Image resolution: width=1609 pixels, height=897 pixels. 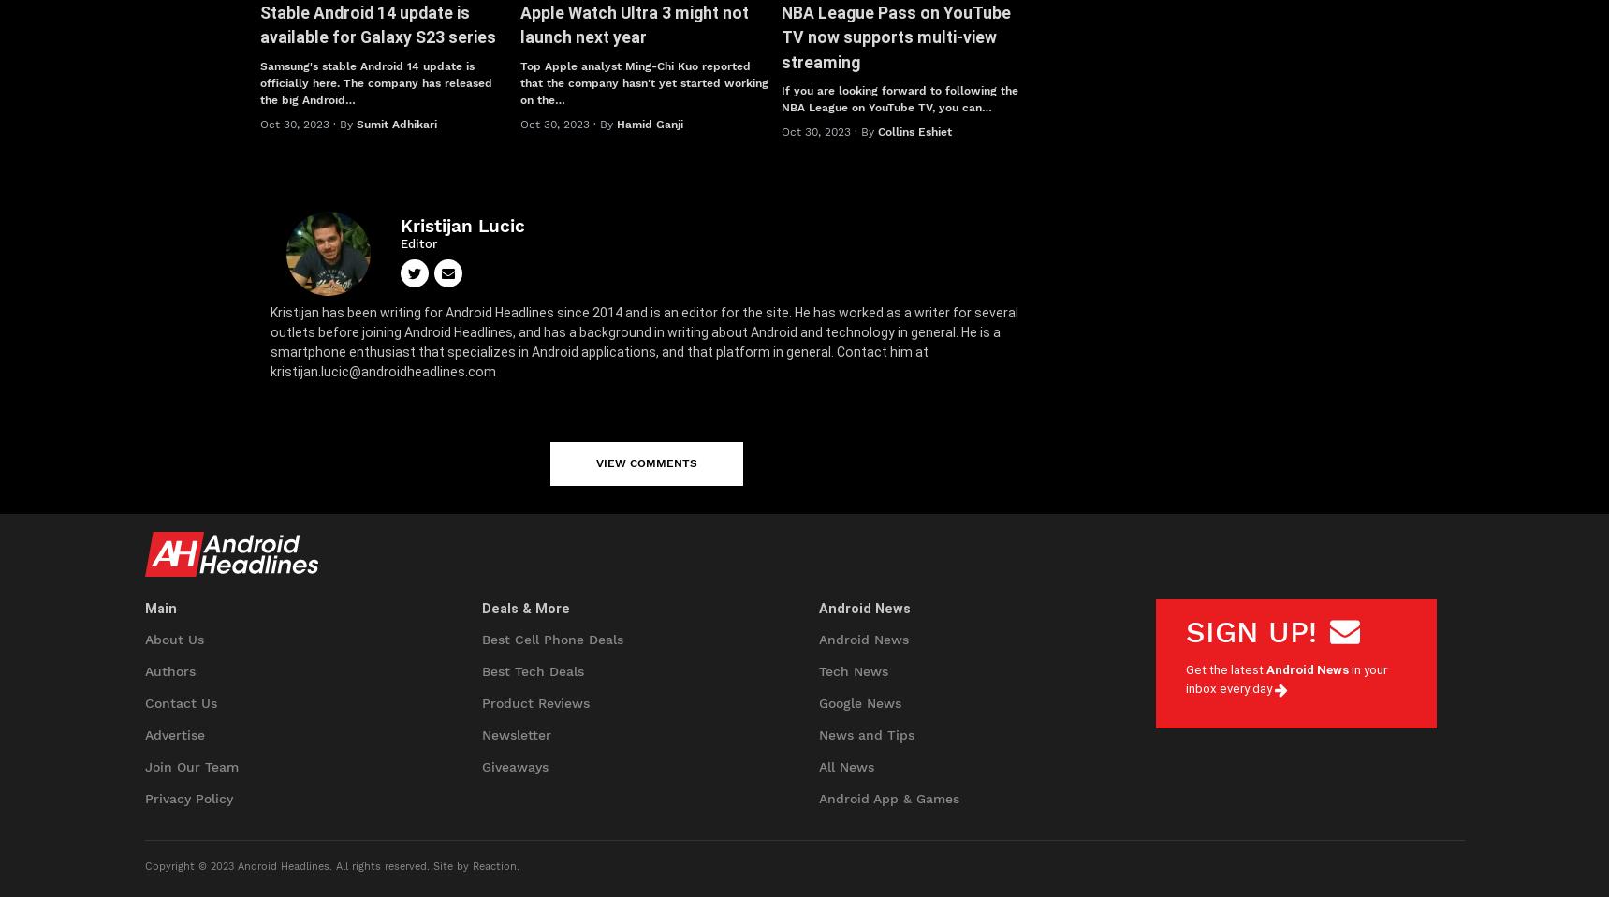 What do you see at coordinates (865, 734) in the screenshot?
I see `'News and Tips'` at bounding box center [865, 734].